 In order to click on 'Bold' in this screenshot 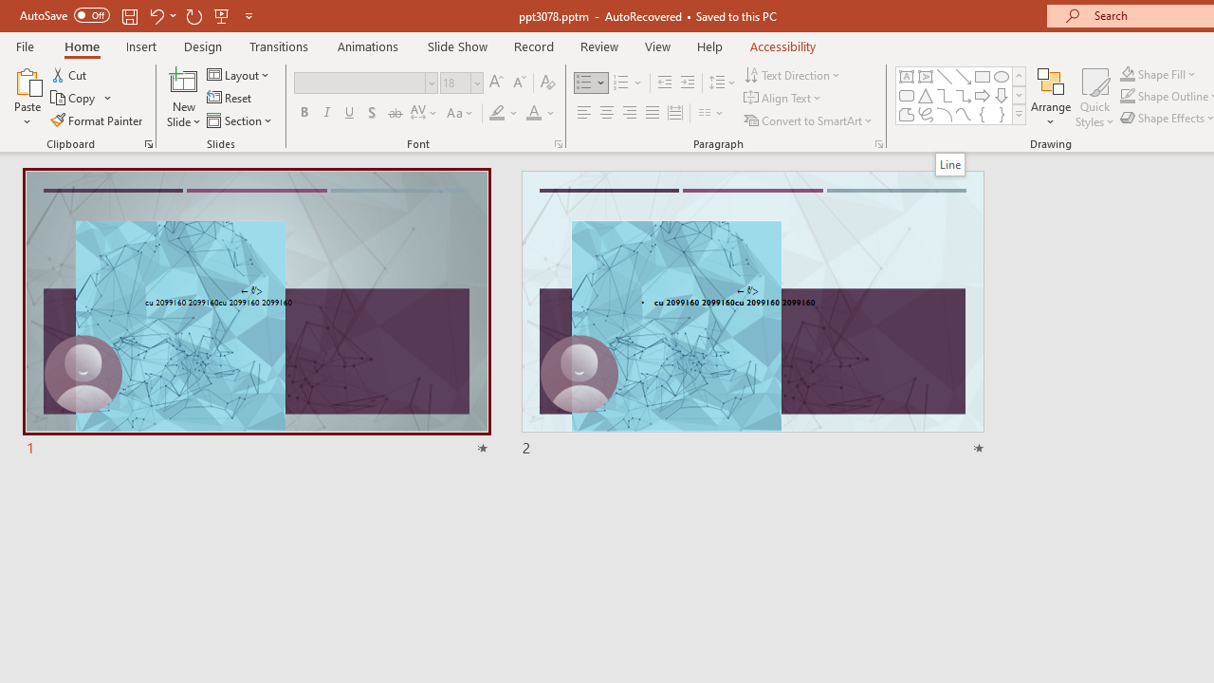, I will do `click(303, 113)`.